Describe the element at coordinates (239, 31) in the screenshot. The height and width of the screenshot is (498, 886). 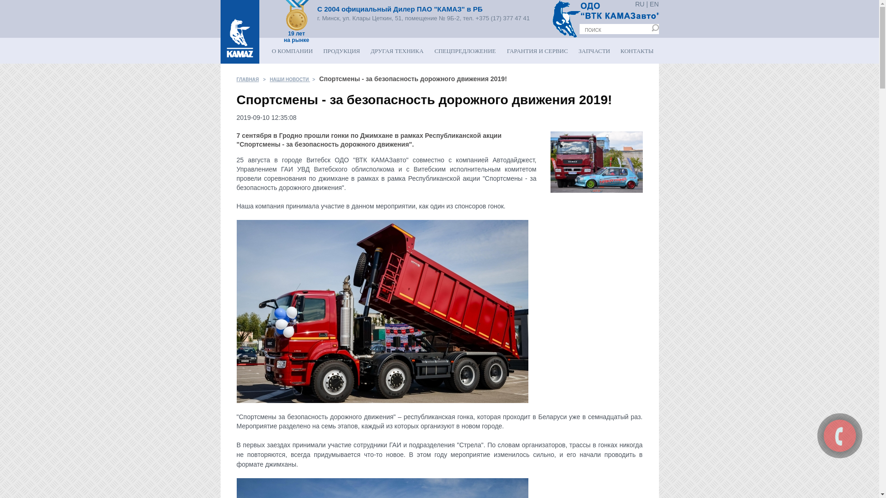
I see `'KAMAZ'` at that location.